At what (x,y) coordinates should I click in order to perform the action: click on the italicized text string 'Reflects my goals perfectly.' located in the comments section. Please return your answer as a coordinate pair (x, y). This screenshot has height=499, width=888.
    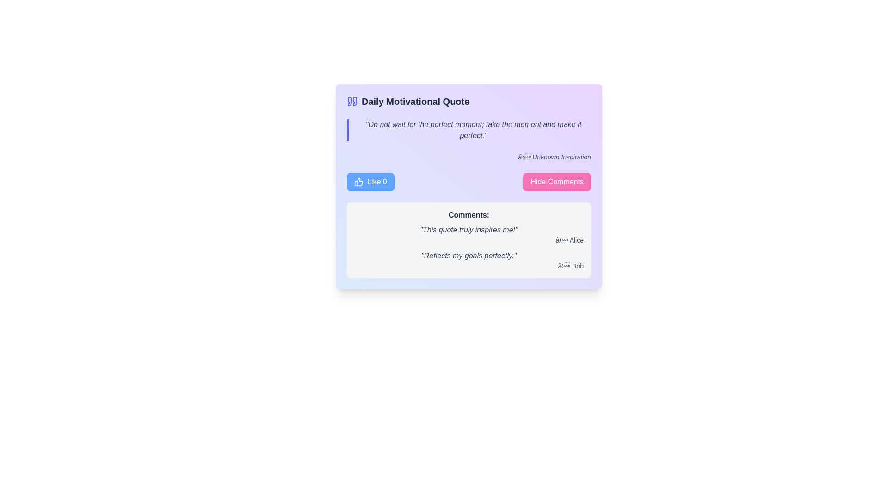
    Looking at the image, I should click on (469, 256).